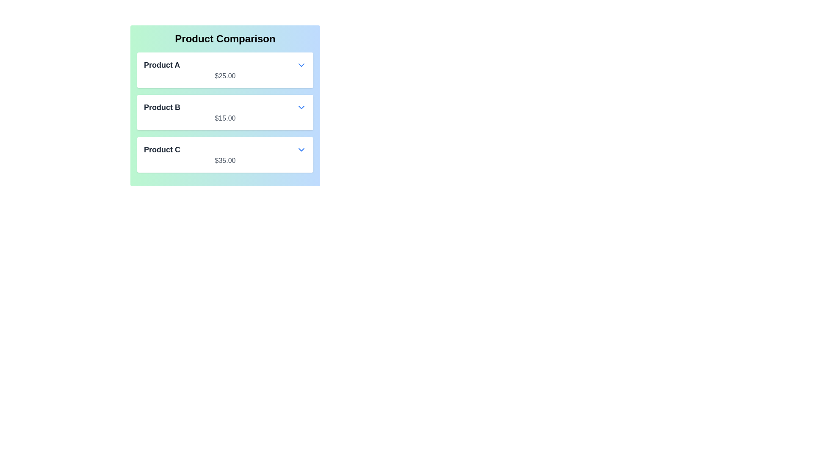 This screenshot has width=813, height=457. What do you see at coordinates (225, 155) in the screenshot?
I see `the third product entry in the 'Product Comparison' list that displays product name and price with a dropdown indicator` at bounding box center [225, 155].